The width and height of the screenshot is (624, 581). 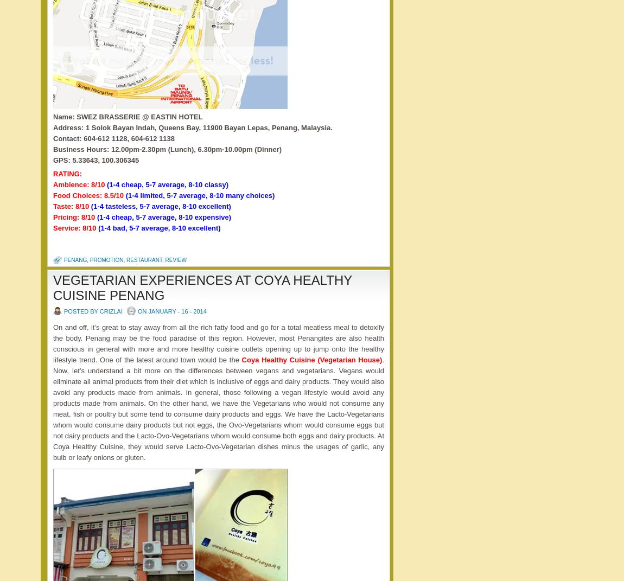 I want to click on 'Contact: 604-612 1128, 604-612 1138', so click(x=113, y=138).